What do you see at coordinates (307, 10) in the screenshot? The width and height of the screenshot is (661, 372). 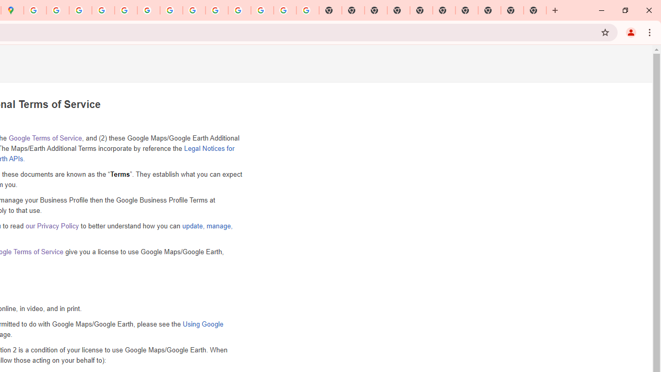 I see `'Google Images'` at bounding box center [307, 10].